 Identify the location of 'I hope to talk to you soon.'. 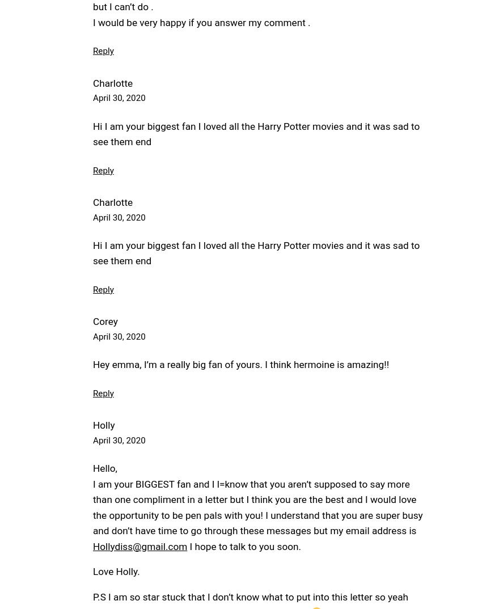
(243, 545).